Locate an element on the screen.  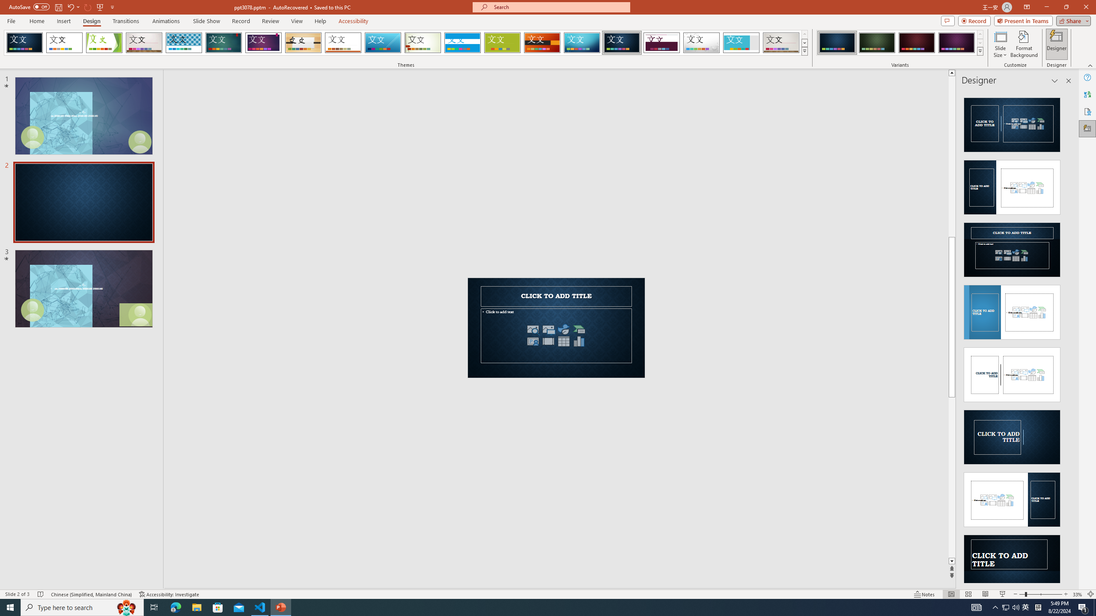
'Slice' is located at coordinates (382, 42).